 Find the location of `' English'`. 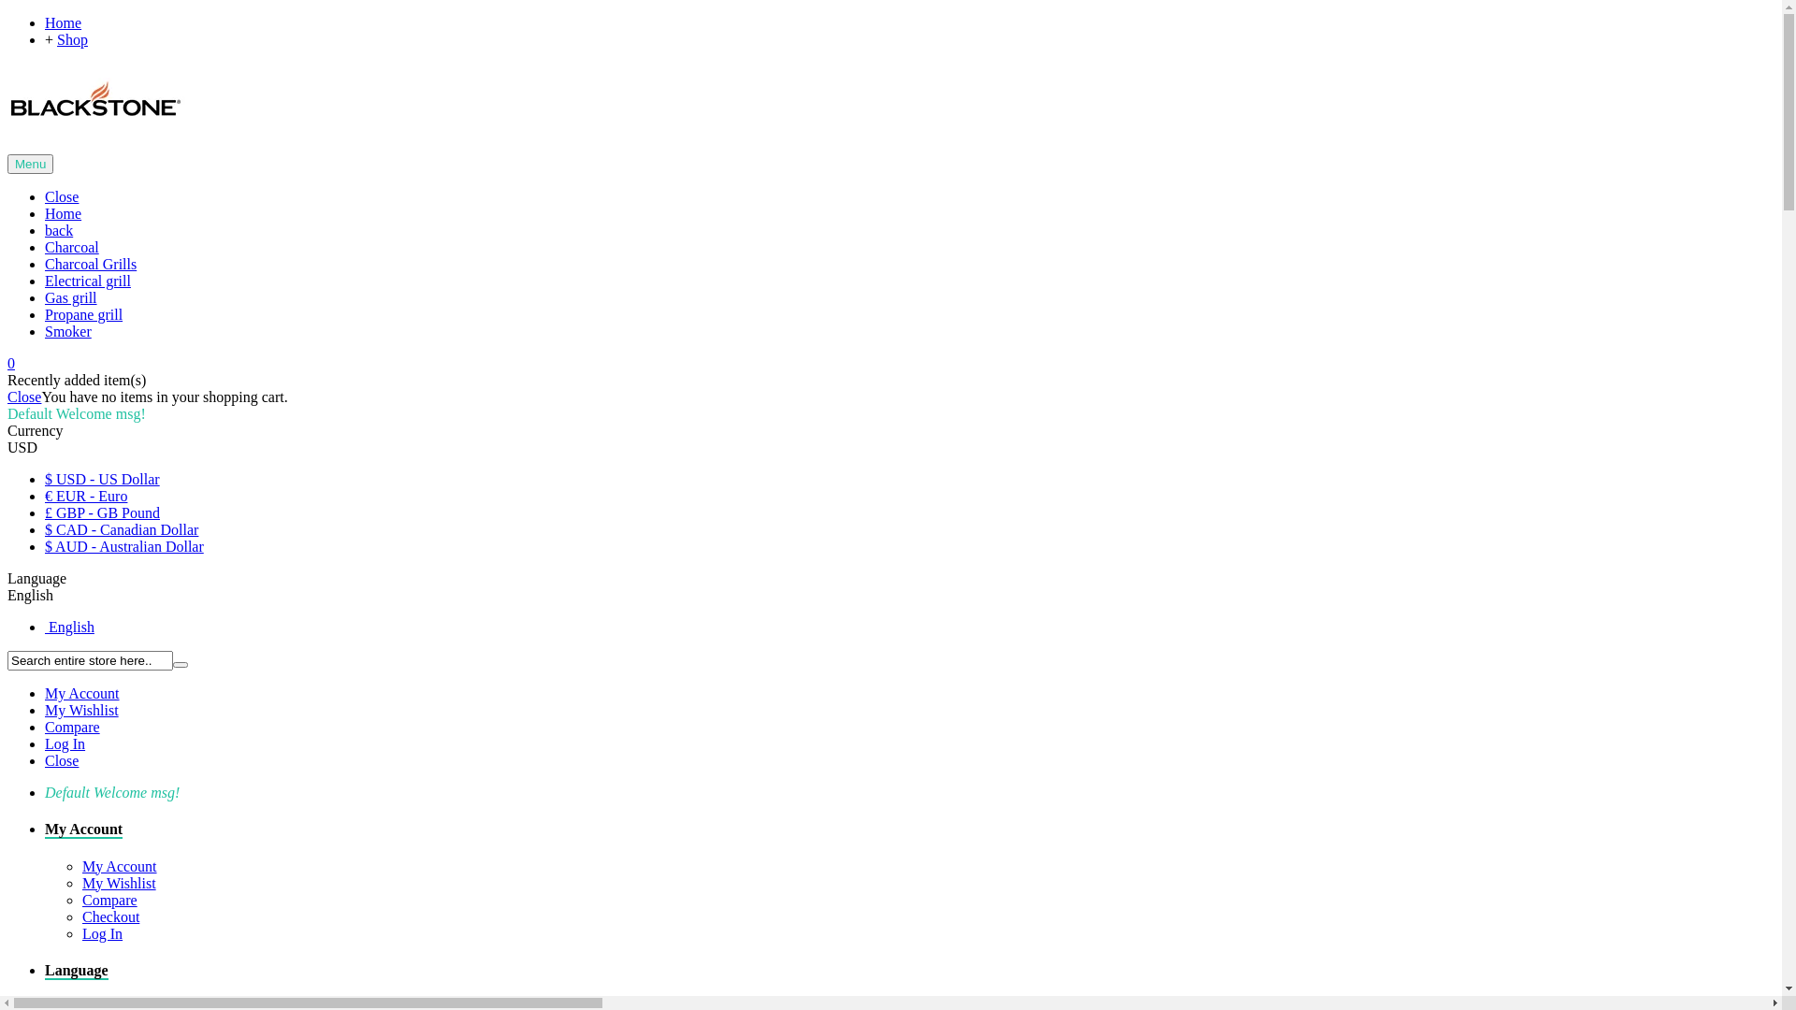

' English' is located at coordinates (45, 627).